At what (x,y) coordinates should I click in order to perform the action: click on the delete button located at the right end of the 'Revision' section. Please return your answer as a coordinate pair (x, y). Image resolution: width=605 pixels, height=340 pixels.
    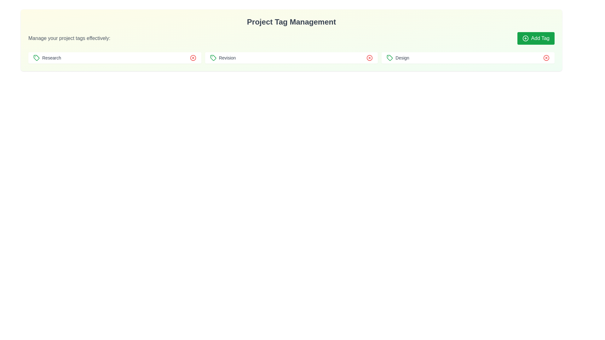
    Looking at the image, I should click on (370, 58).